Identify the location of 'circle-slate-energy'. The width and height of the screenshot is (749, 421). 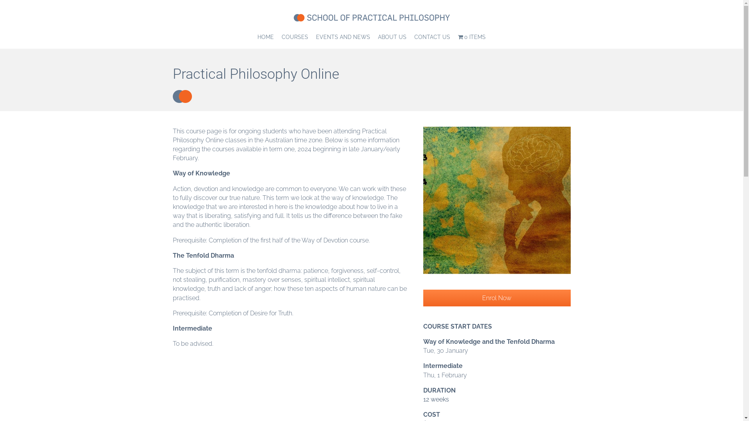
(172, 96).